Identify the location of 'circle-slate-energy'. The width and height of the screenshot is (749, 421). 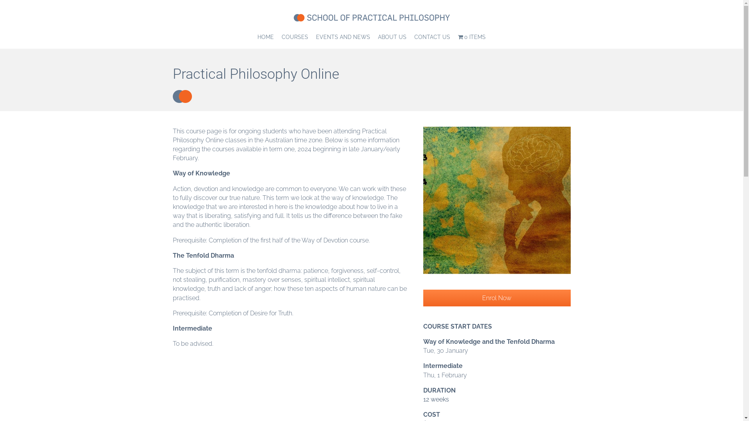
(172, 96).